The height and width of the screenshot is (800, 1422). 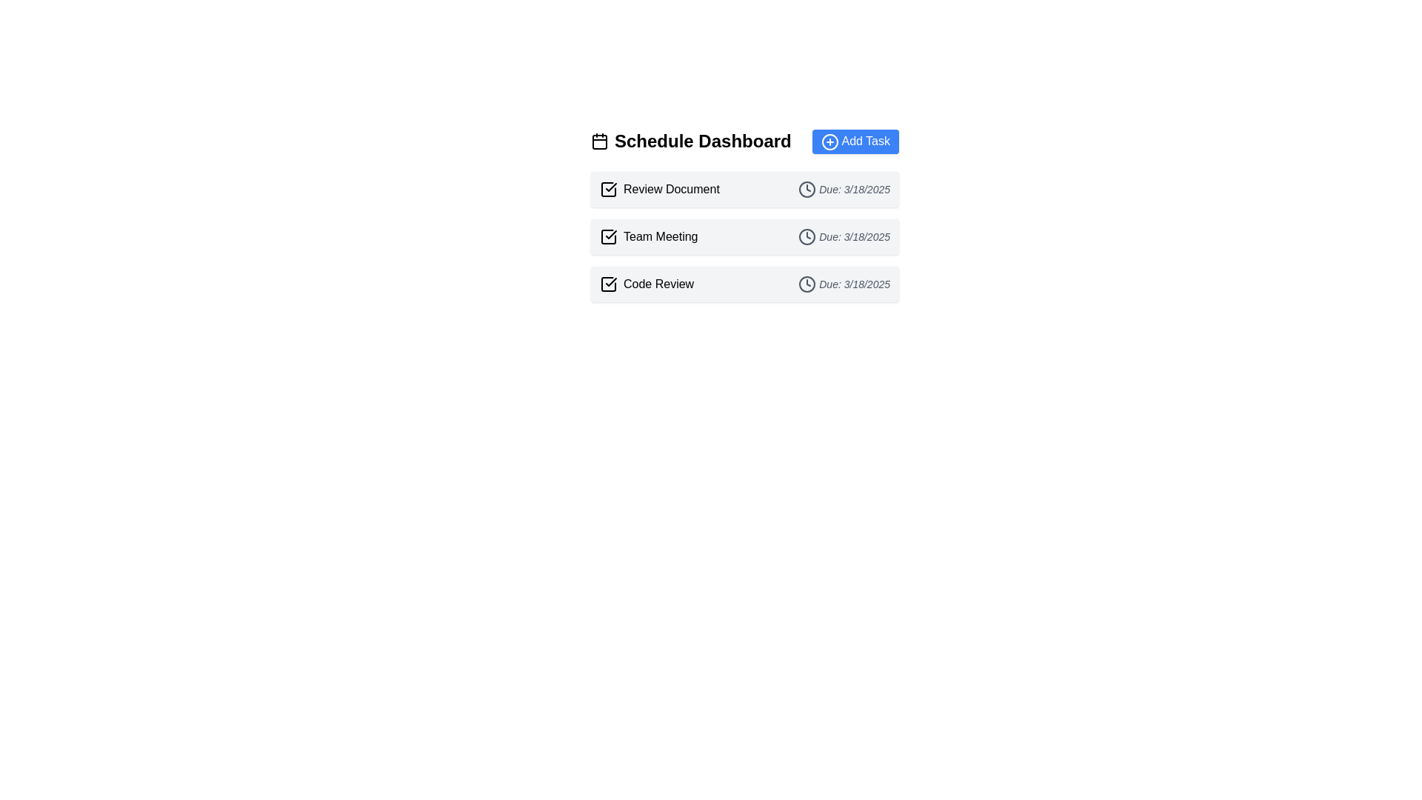 What do you see at coordinates (611, 233) in the screenshot?
I see `checkmark icon representing the selected or completed state of the second task in the vertical column of task items` at bounding box center [611, 233].